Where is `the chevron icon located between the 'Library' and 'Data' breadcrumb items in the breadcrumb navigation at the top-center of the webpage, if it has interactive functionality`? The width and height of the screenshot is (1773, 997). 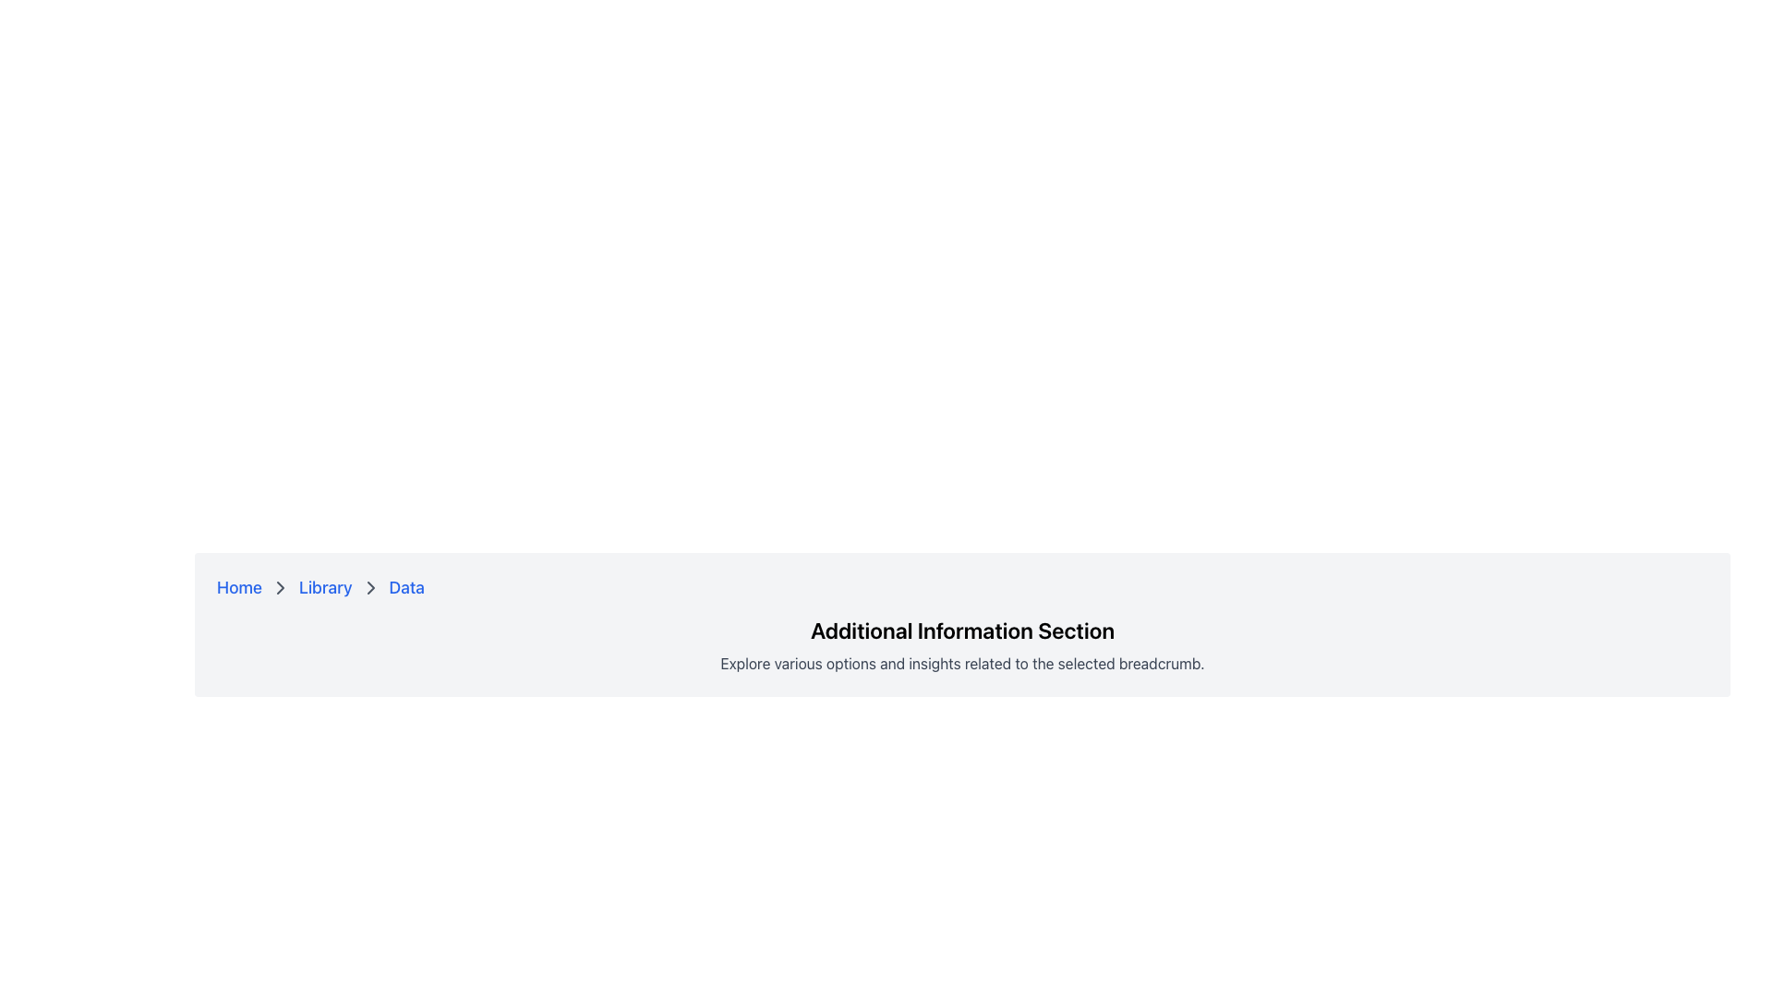 the chevron icon located between the 'Library' and 'Data' breadcrumb items in the breadcrumb navigation at the top-center of the webpage, if it has interactive functionality is located at coordinates (369, 587).